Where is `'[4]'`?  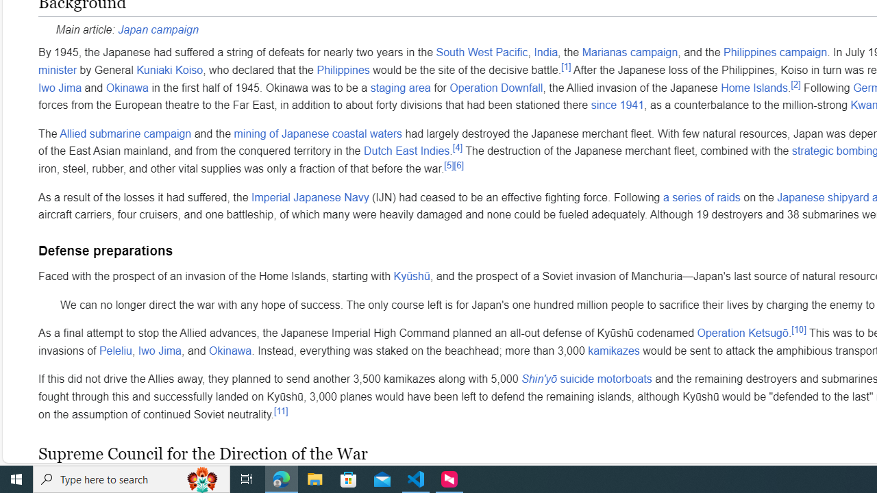 '[4]' is located at coordinates (458, 148).